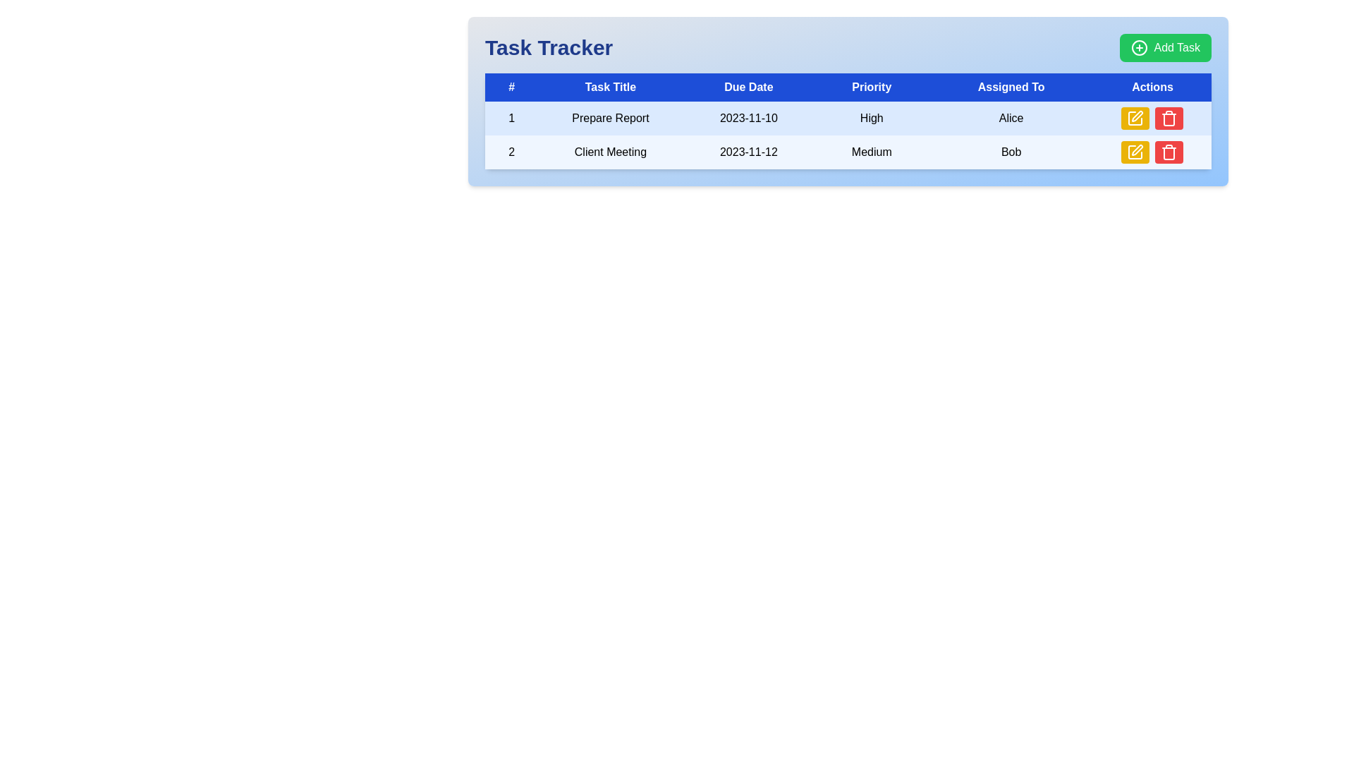 The width and height of the screenshot is (1354, 762). Describe the element at coordinates (1135, 118) in the screenshot. I see `the edit button located in the 'Actions' column of the second row of the data table to initiate the edit action` at that location.